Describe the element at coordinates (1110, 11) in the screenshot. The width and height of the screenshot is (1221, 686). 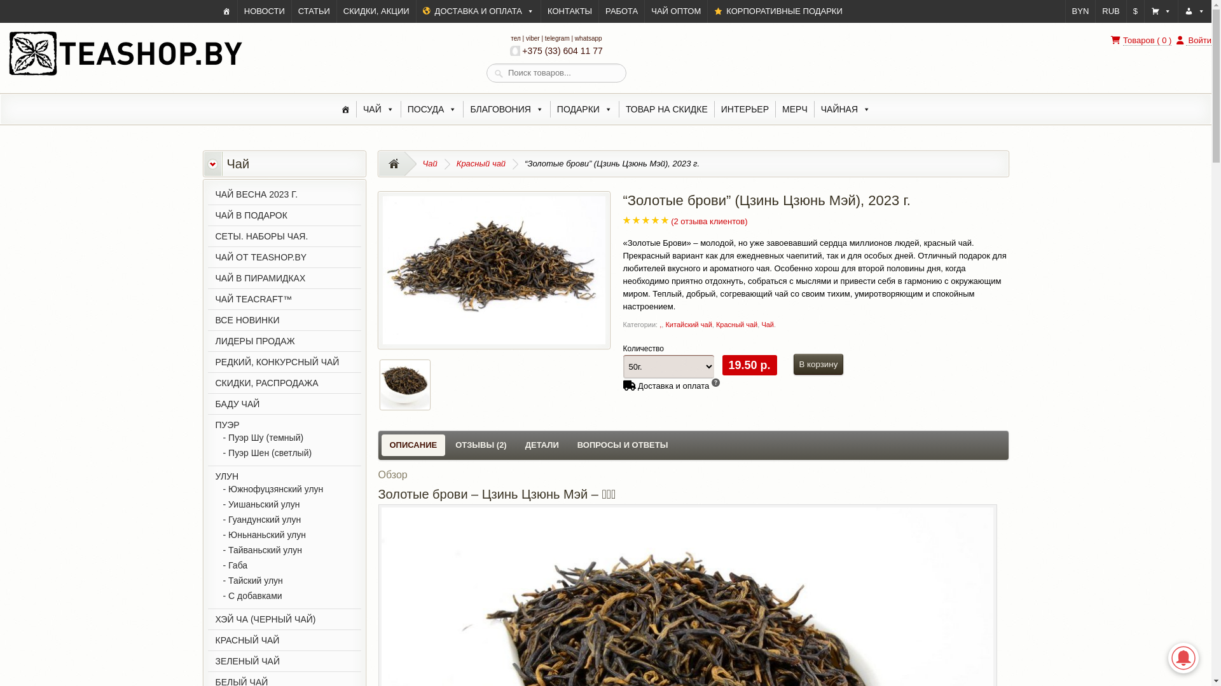
I see `'RUB'` at that location.